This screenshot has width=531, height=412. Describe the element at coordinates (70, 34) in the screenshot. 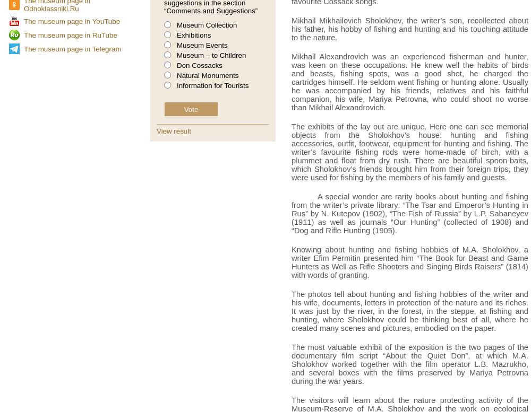

I see `'The museum page in RuTube'` at that location.